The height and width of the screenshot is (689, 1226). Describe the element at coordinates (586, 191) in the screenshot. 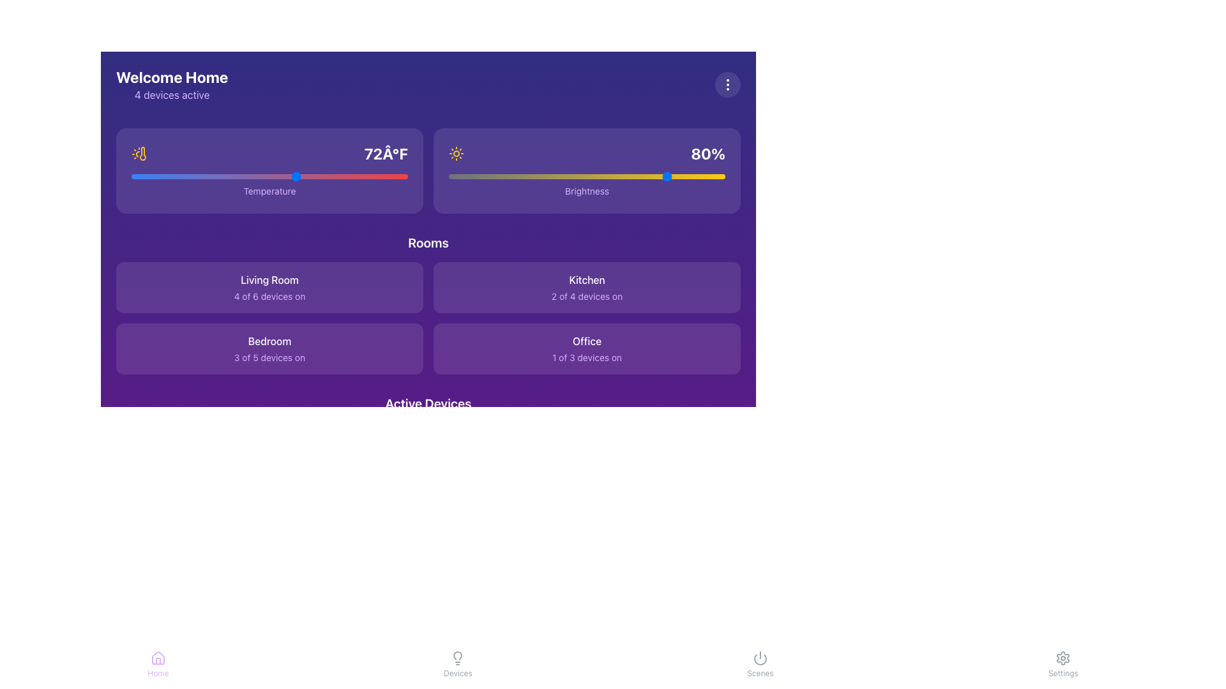

I see `the text label element displaying 'Brightness', which is styled with purple text and located below a gradient progress bar` at that location.